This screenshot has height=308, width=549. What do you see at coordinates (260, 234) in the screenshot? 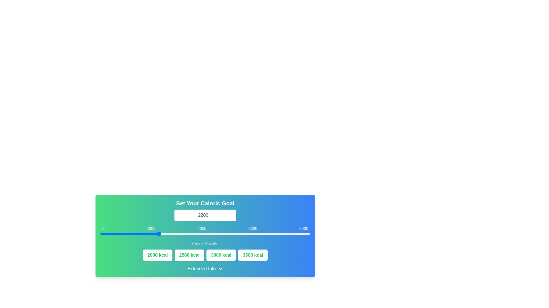
I see `the calorie goal` at bounding box center [260, 234].